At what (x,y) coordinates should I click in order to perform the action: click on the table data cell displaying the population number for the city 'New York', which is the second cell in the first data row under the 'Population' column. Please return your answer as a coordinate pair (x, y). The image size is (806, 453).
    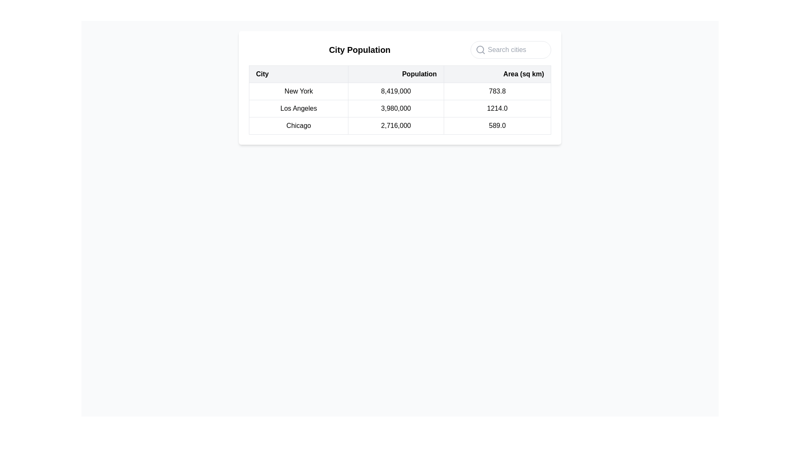
    Looking at the image, I should click on (395, 91).